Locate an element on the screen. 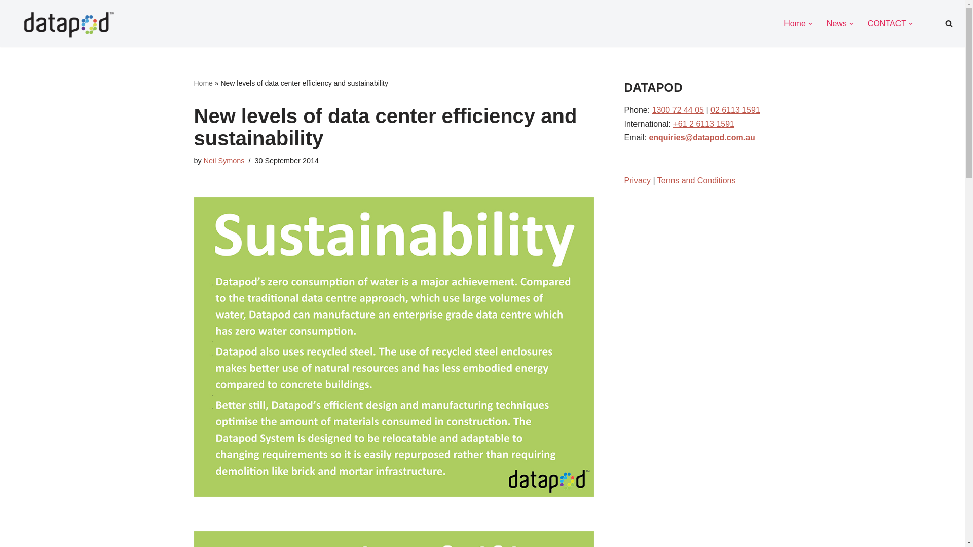 The width and height of the screenshot is (973, 547). 'Home' is located at coordinates (794, 23).